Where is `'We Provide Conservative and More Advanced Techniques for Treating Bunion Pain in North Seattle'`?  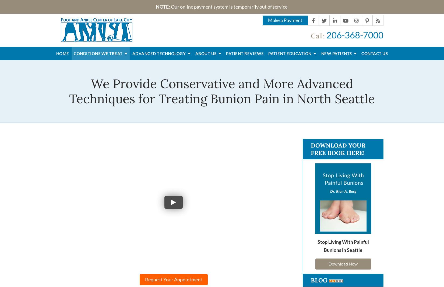 'We Provide Conservative and More Advanced Techniques for Treating Bunion Pain in North Seattle' is located at coordinates (222, 93).